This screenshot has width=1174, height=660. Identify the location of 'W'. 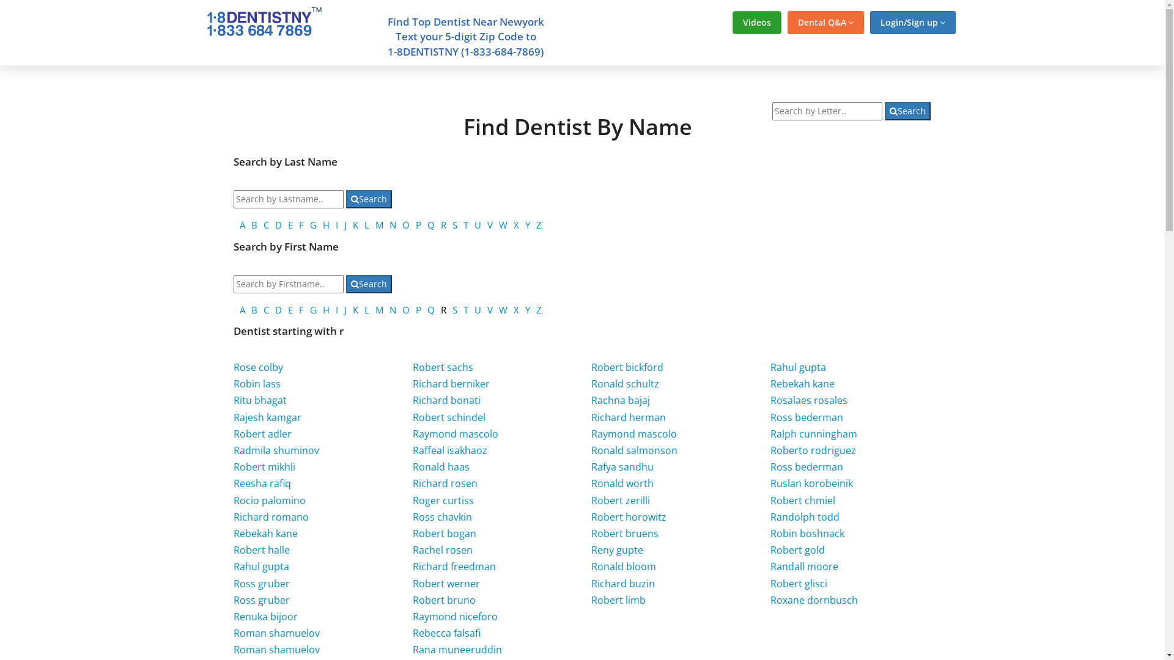
(499, 224).